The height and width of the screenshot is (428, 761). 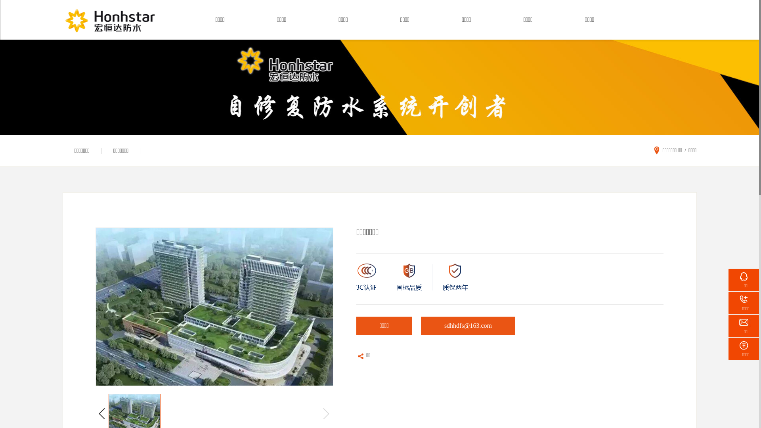 What do you see at coordinates (468, 327) in the screenshot?
I see `'sdhhdfs@163.com'` at bounding box center [468, 327].